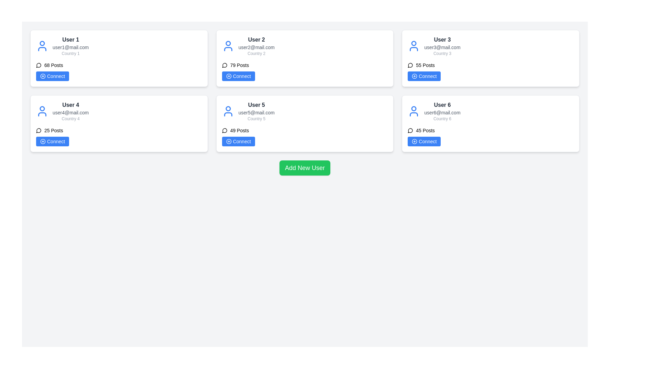 This screenshot has width=660, height=371. Describe the element at coordinates (229, 76) in the screenshot. I see `the circular icon with a plus sign inside it, located to the left of the 'Connect' text` at that location.